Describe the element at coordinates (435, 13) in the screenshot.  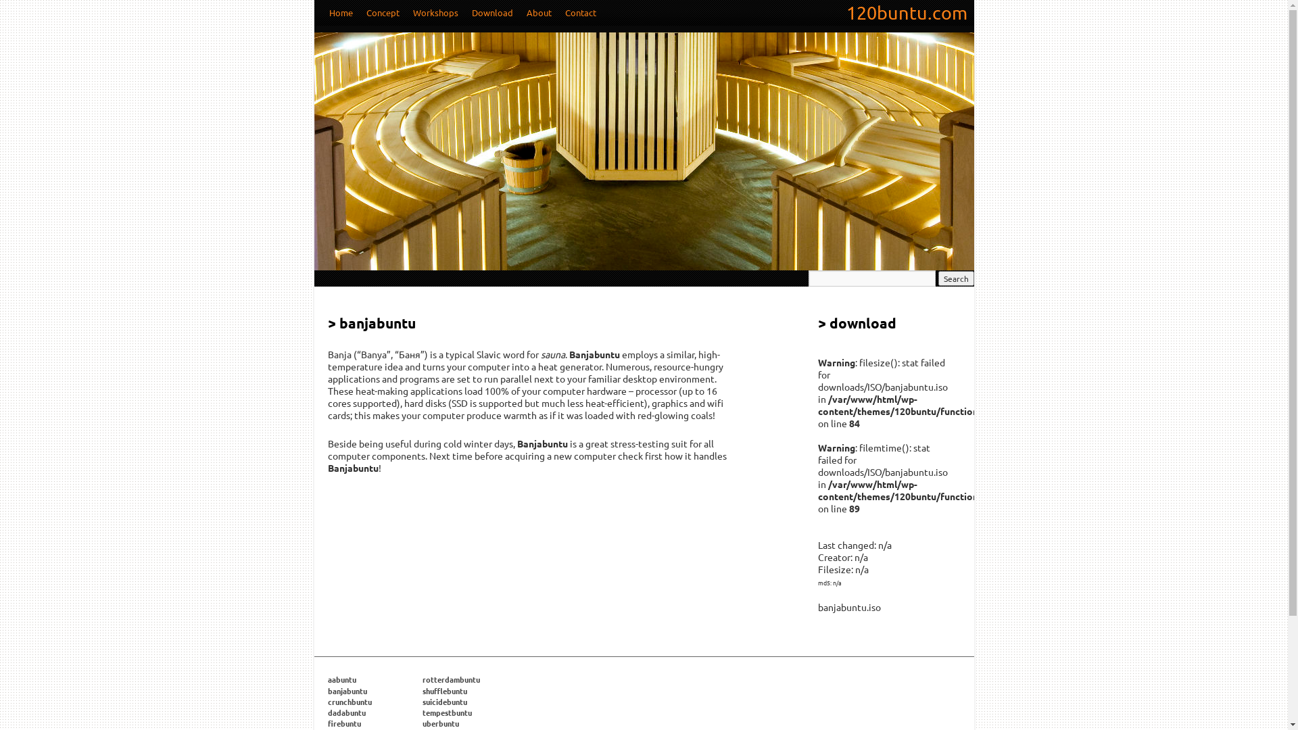
I see `'Workshops'` at that location.